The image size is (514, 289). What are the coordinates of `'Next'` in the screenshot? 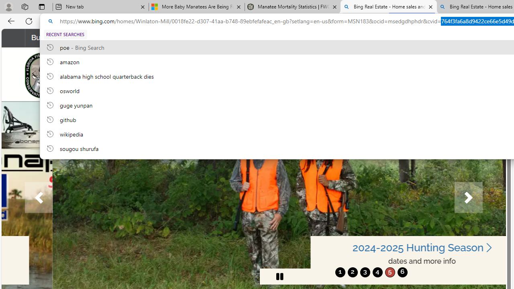 It's located at (468, 197).